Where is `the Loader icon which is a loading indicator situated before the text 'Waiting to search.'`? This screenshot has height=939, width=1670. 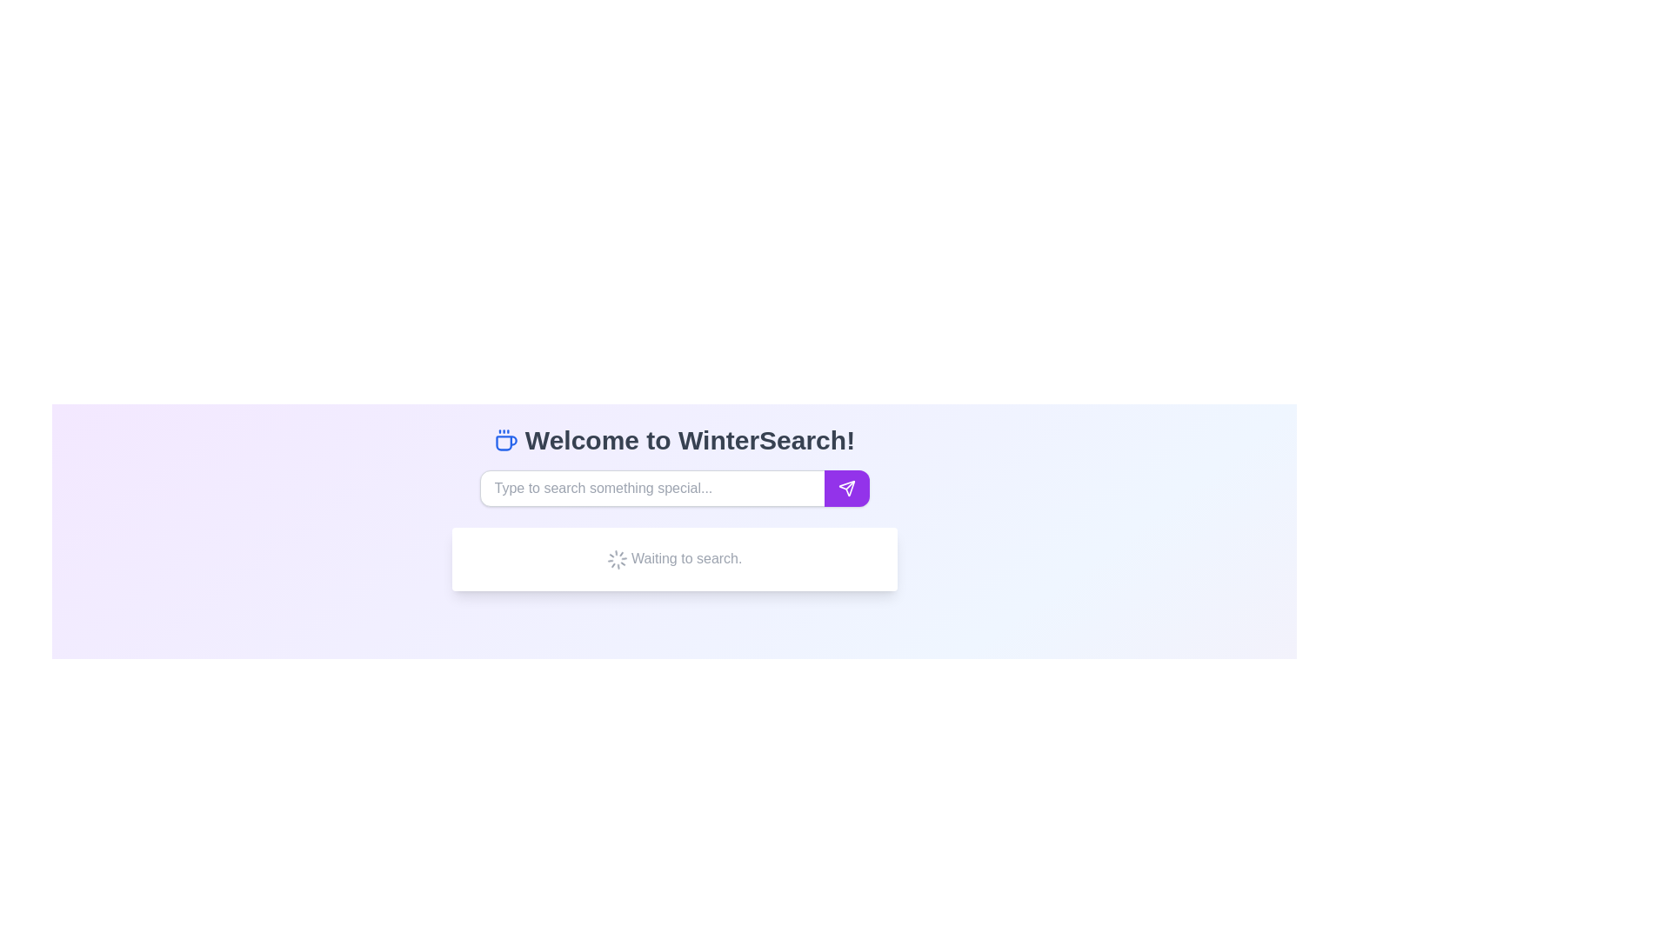 the Loader icon which is a loading indicator situated before the text 'Waiting to search.' is located at coordinates (617, 559).